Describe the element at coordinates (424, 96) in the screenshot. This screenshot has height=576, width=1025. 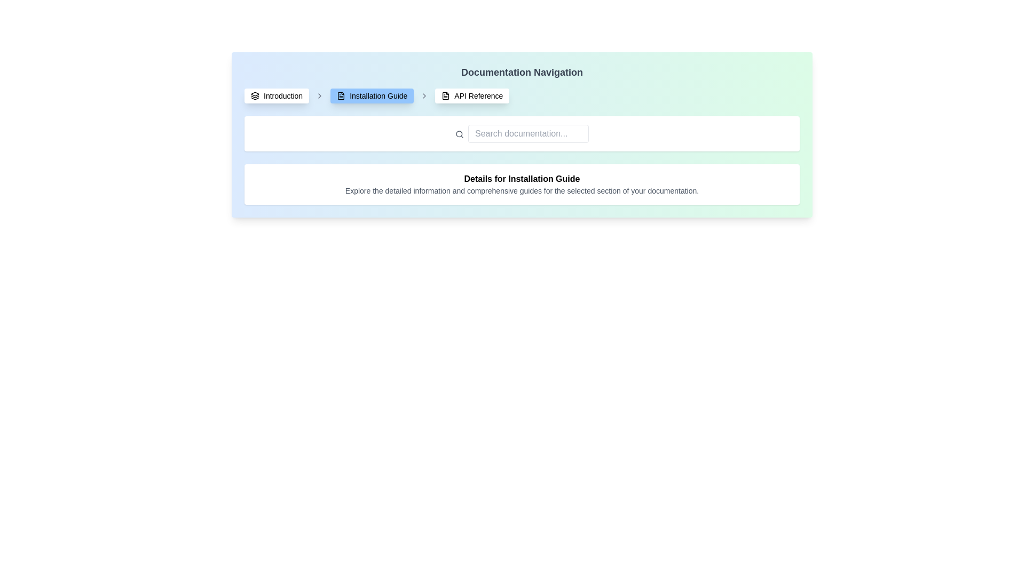
I see `the right-pointing gray chevron icon positioned between the 'Installation Guide' and 'API Reference' navigation buttons` at that location.